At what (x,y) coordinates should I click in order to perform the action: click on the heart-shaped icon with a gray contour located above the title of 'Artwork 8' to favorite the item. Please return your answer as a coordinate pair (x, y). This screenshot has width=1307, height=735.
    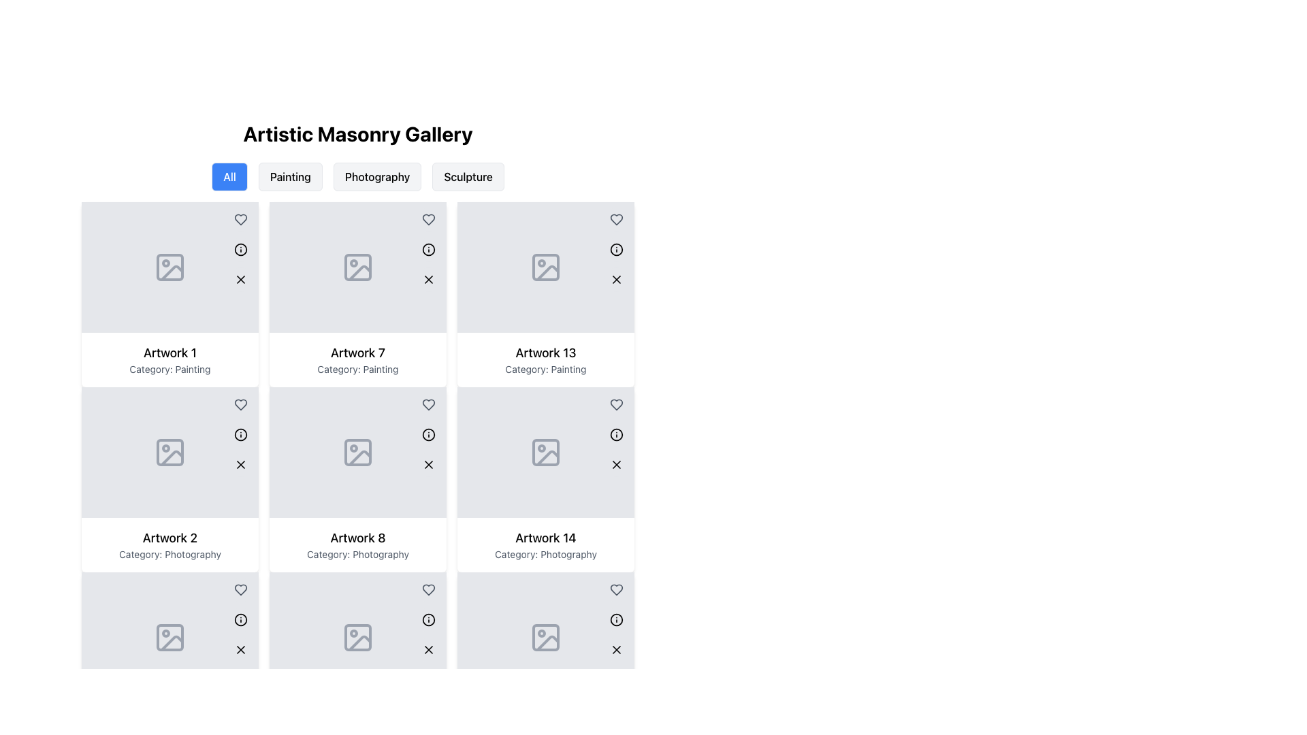
    Looking at the image, I should click on (427, 404).